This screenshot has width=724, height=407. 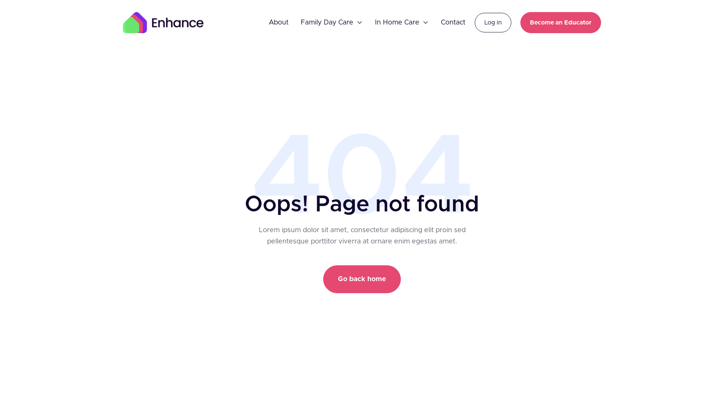 I want to click on 'Log in', so click(x=493, y=22).